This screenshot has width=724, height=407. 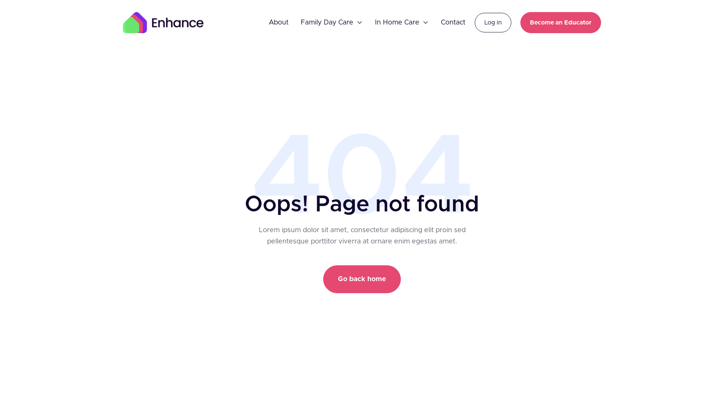 I want to click on 'Log in', so click(x=493, y=22).